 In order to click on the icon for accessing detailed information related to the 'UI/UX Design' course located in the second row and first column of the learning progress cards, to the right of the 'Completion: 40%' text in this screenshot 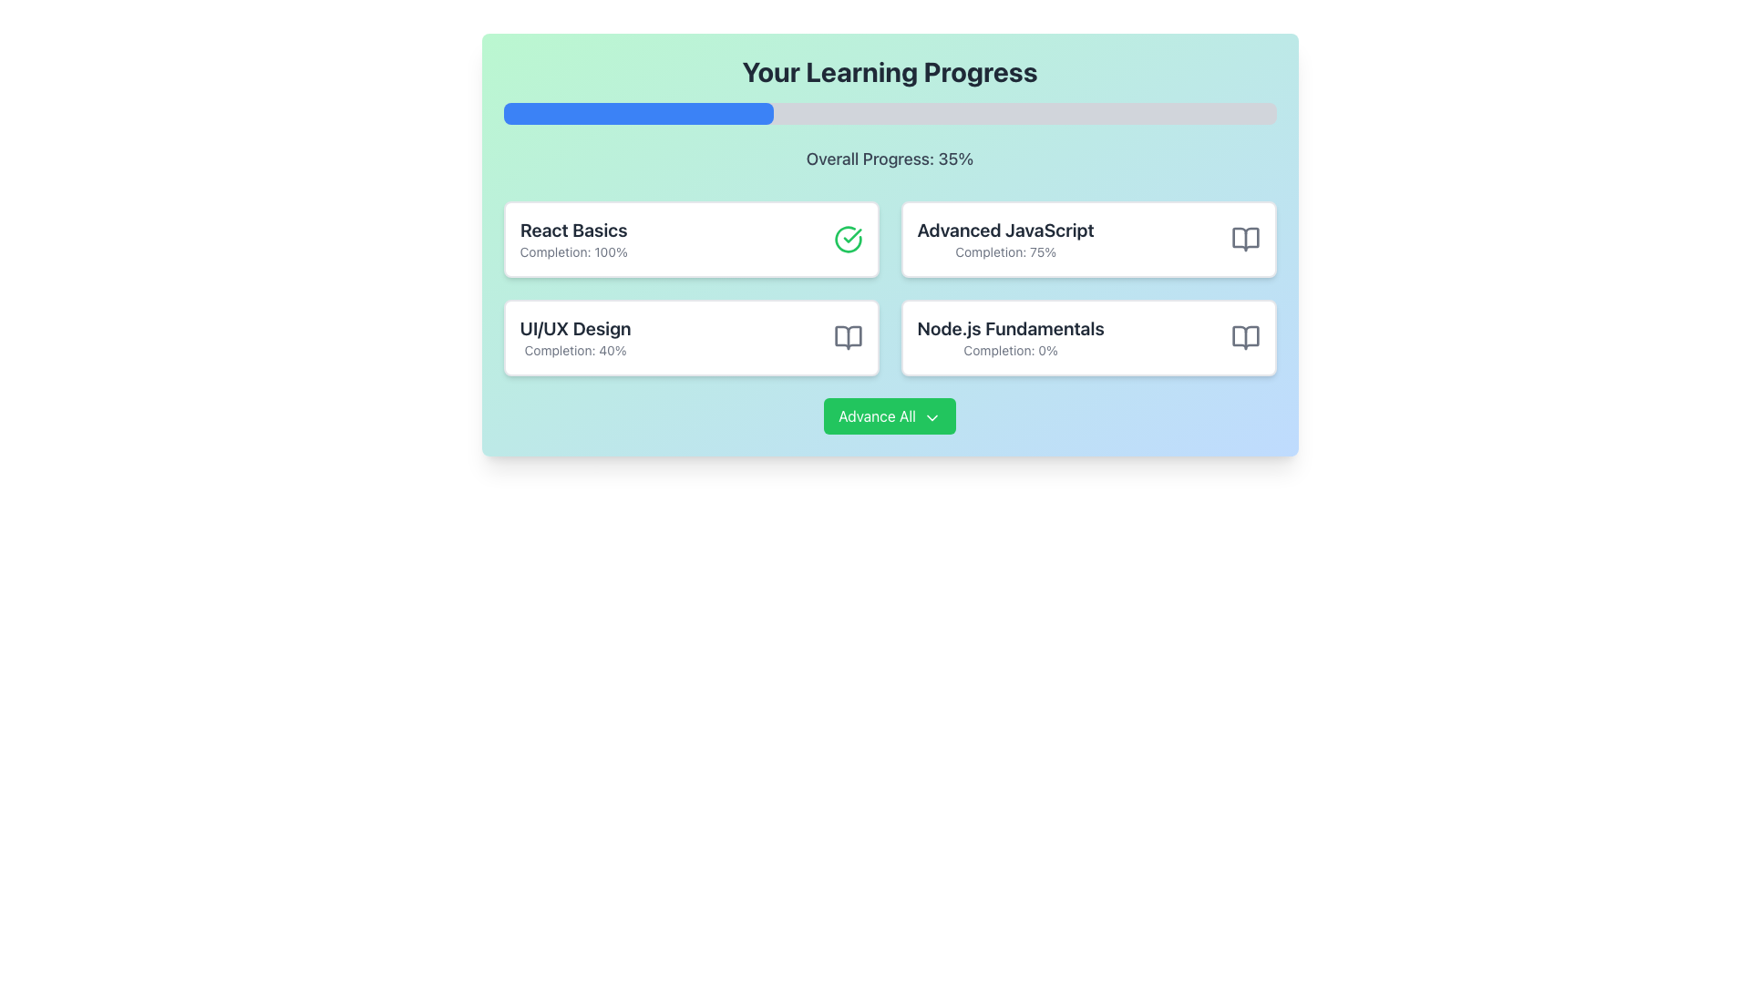, I will do `click(847, 337)`.